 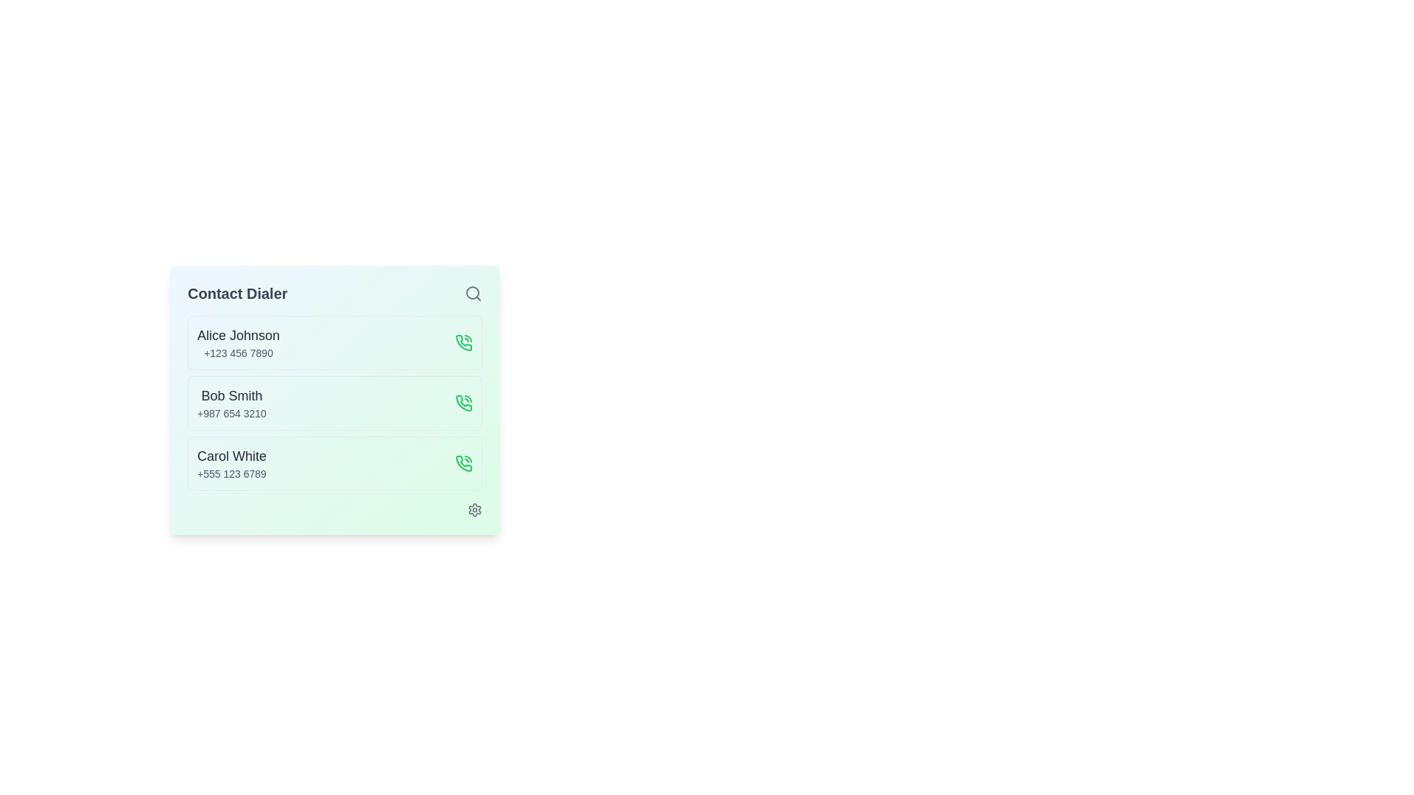 What do you see at coordinates (239, 335) in the screenshot?
I see `the bold text label displaying 'Alice Johnson', which is located at the top left corner of the first contact entry in the contact list` at bounding box center [239, 335].